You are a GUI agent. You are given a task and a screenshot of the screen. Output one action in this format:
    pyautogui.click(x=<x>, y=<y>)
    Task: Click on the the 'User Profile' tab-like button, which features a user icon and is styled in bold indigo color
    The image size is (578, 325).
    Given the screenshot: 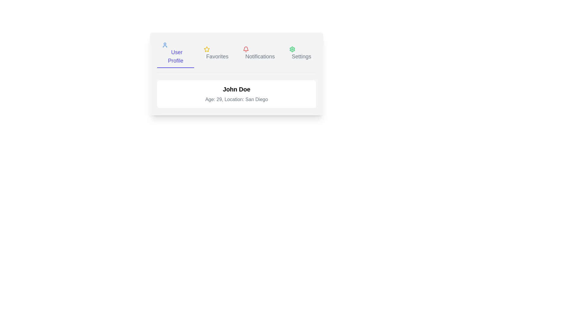 What is the action you would take?
    pyautogui.click(x=175, y=53)
    